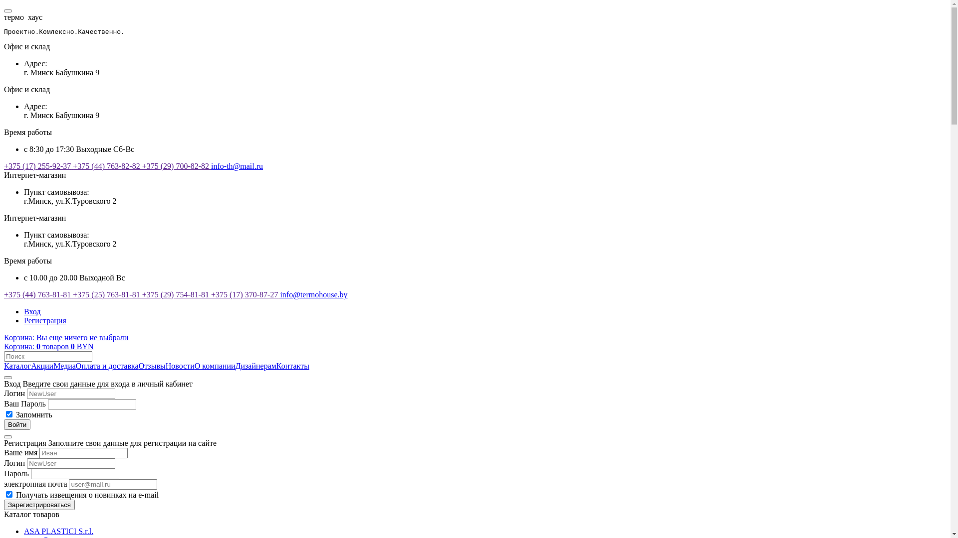 Image resolution: width=958 pixels, height=538 pixels. What do you see at coordinates (237, 165) in the screenshot?
I see `'info-th@mail.ru'` at bounding box center [237, 165].